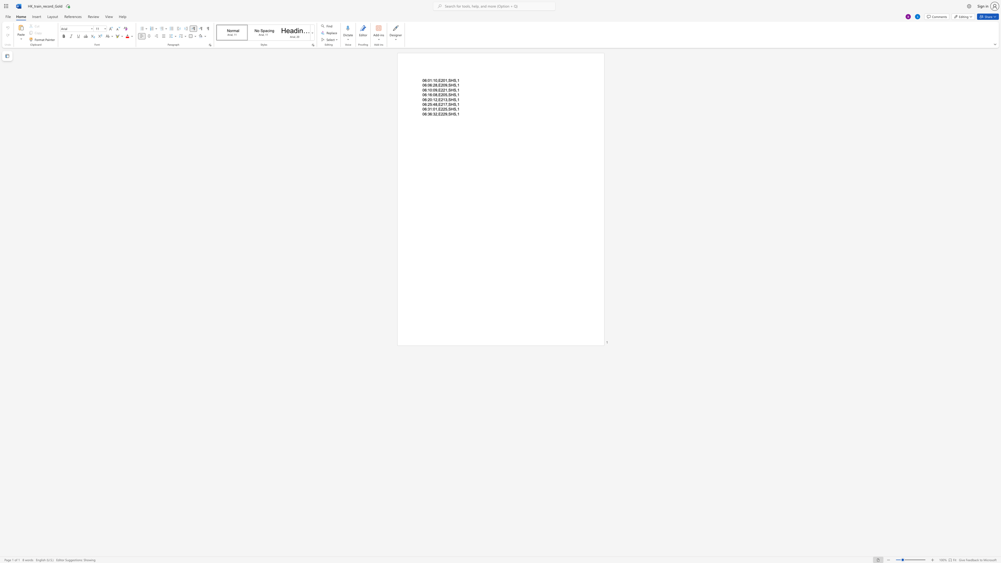  Describe the element at coordinates (431, 113) in the screenshot. I see `the 2th character "6" in the text` at that location.